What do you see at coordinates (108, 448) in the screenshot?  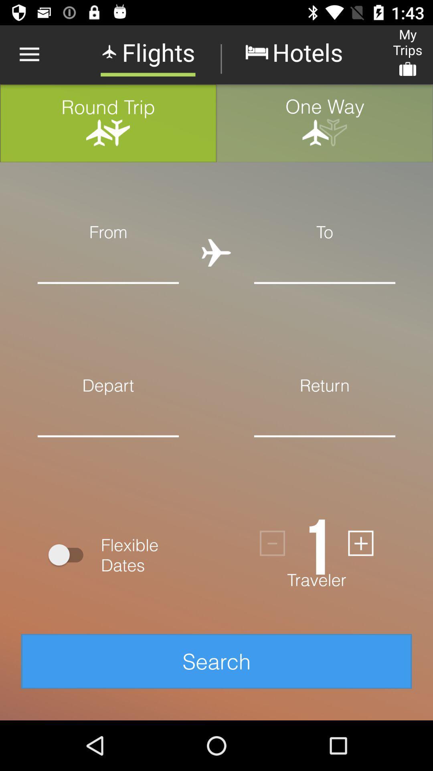 I see `departure entry` at bounding box center [108, 448].